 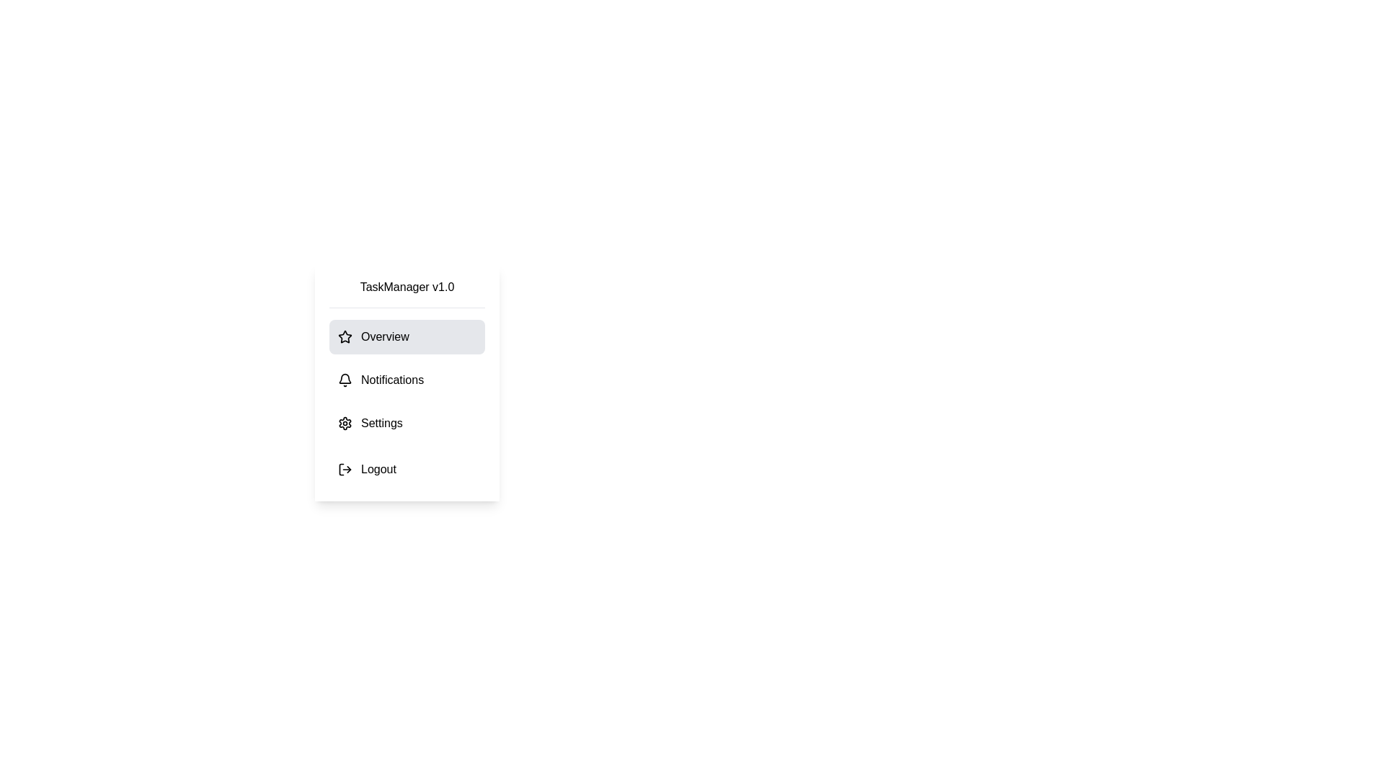 I want to click on the star-shaped icon that visually enhances the 'Overview' menu item, located, so click(x=345, y=336).